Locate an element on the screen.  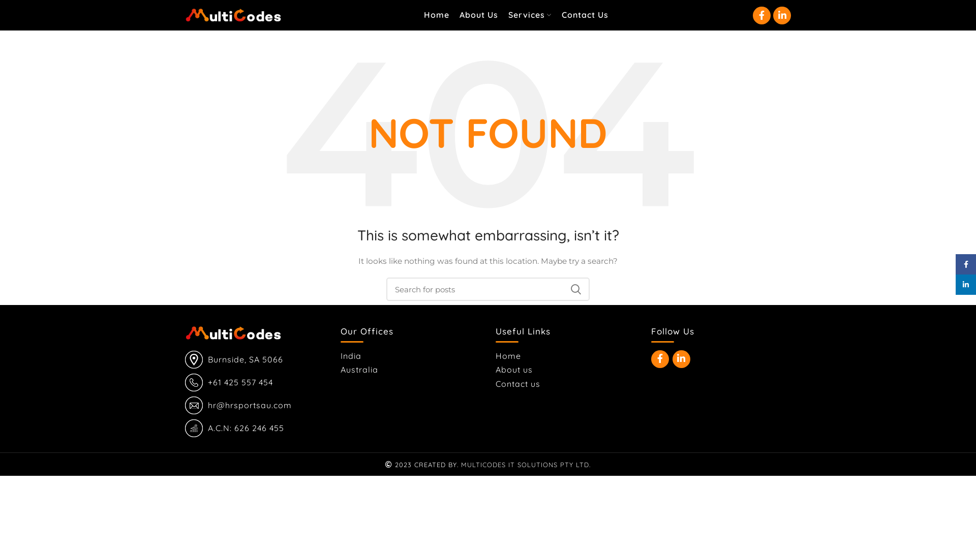
'Australia' is located at coordinates (360, 369).